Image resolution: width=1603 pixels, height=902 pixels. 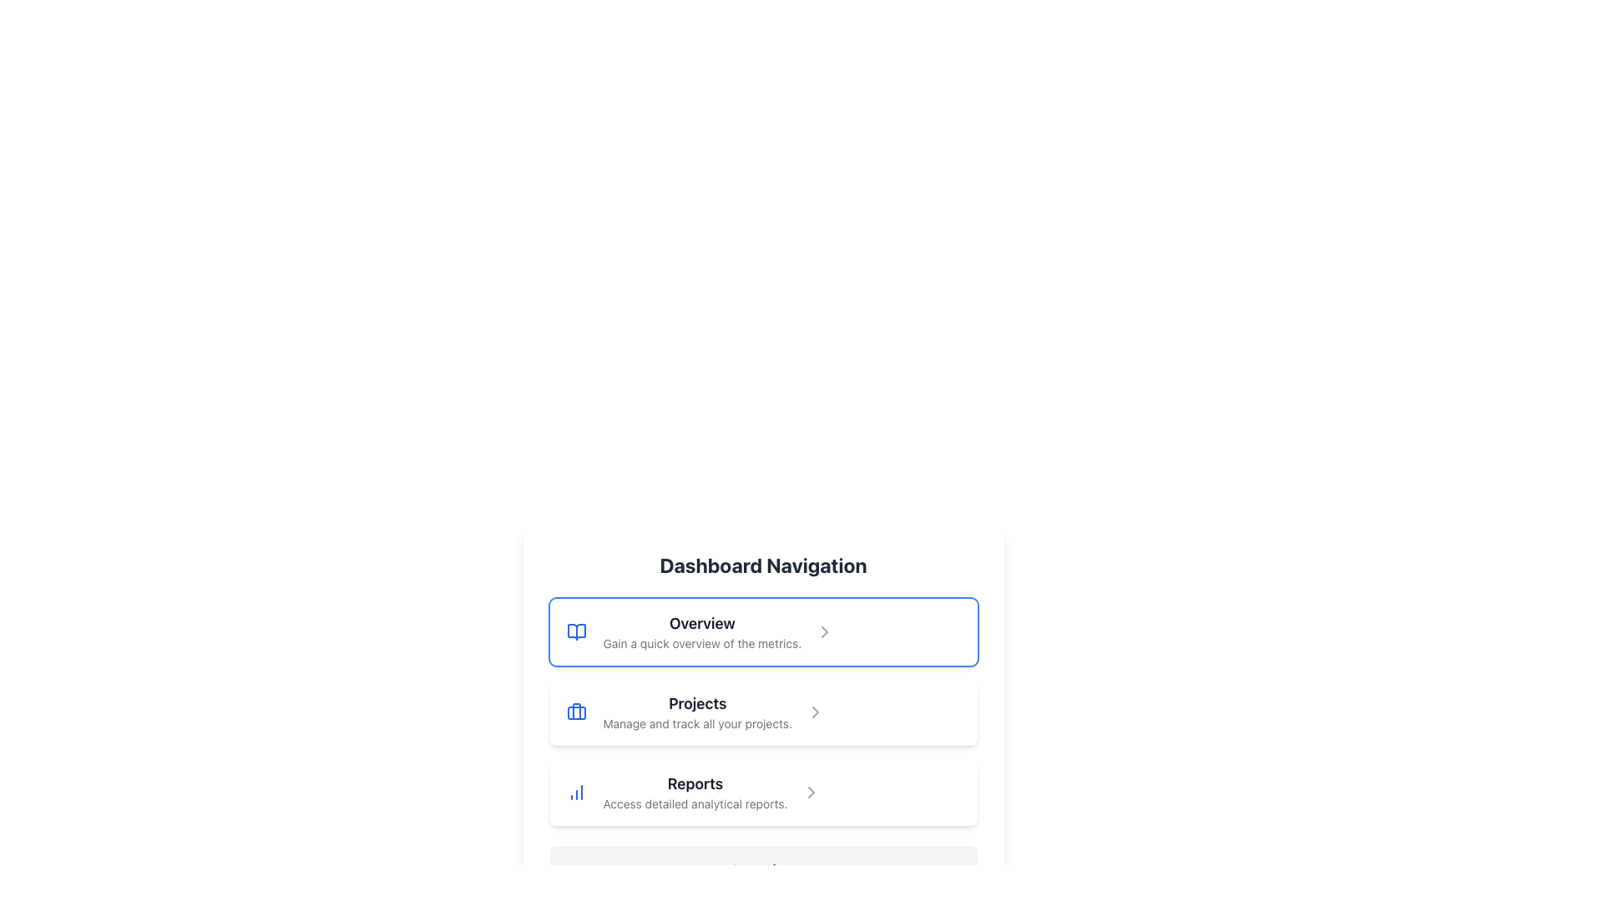 What do you see at coordinates (762, 712) in the screenshot?
I see `the second navigation button labeled 'Projects' in the vertical list, positioned between 'Overview' and 'Reports'` at bounding box center [762, 712].